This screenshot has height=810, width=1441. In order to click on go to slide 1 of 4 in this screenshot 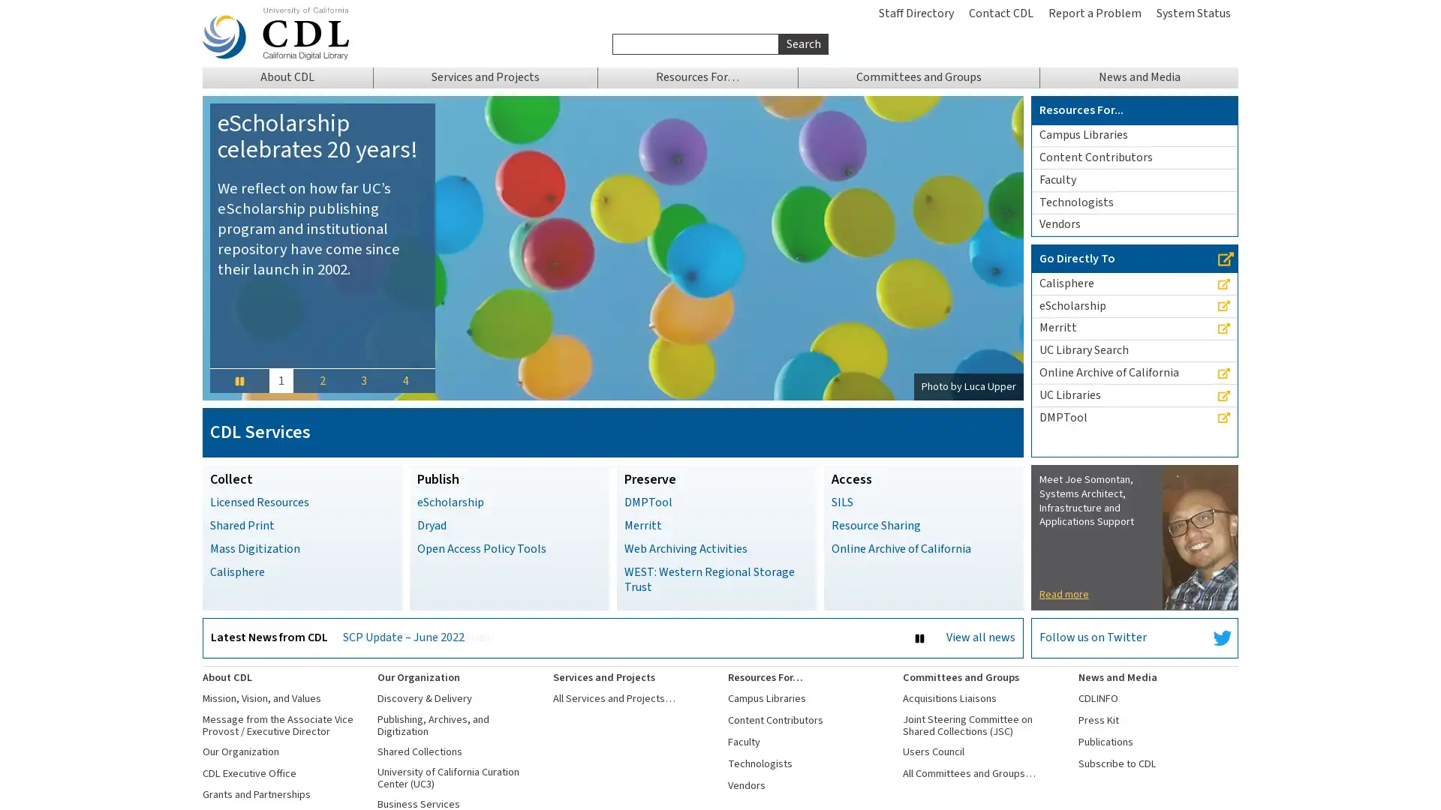, I will do `click(281, 379)`.